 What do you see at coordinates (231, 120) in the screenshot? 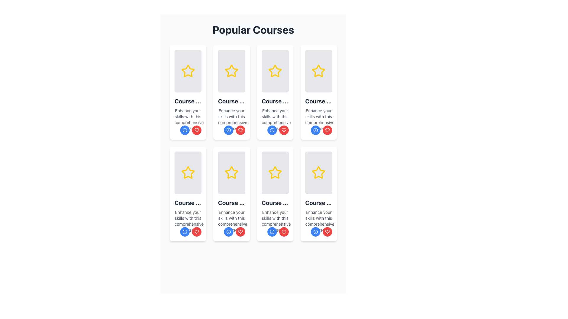
I see `the informational text element that describes the course, located in the second card from the left in the first row, beneath 'Course Title 2' and above the actionable buttons` at bounding box center [231, 120].